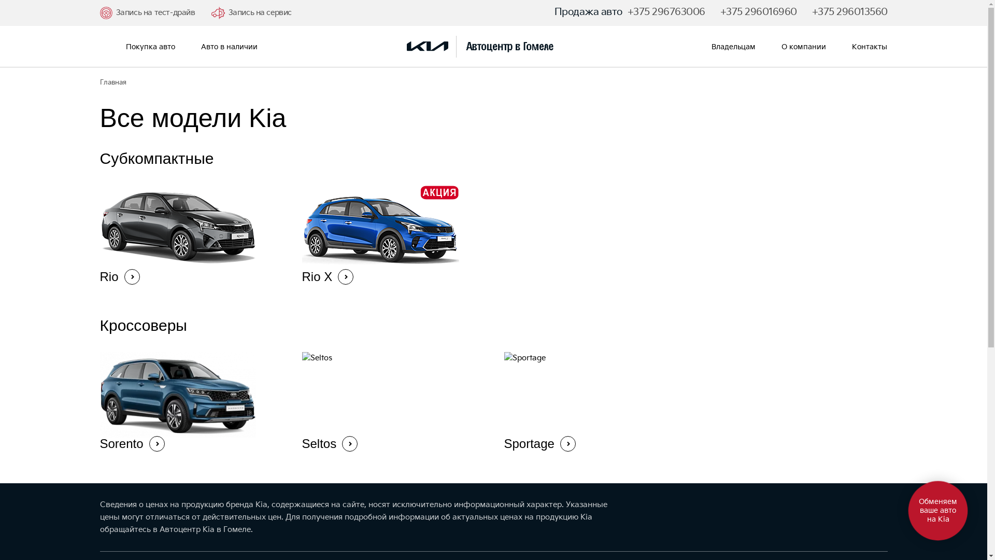 The height and width of the screenshot is (560, 995). Describe the element at coordinates (666, 12) in the screenshot. I see `'+375 296763006'` at that location.